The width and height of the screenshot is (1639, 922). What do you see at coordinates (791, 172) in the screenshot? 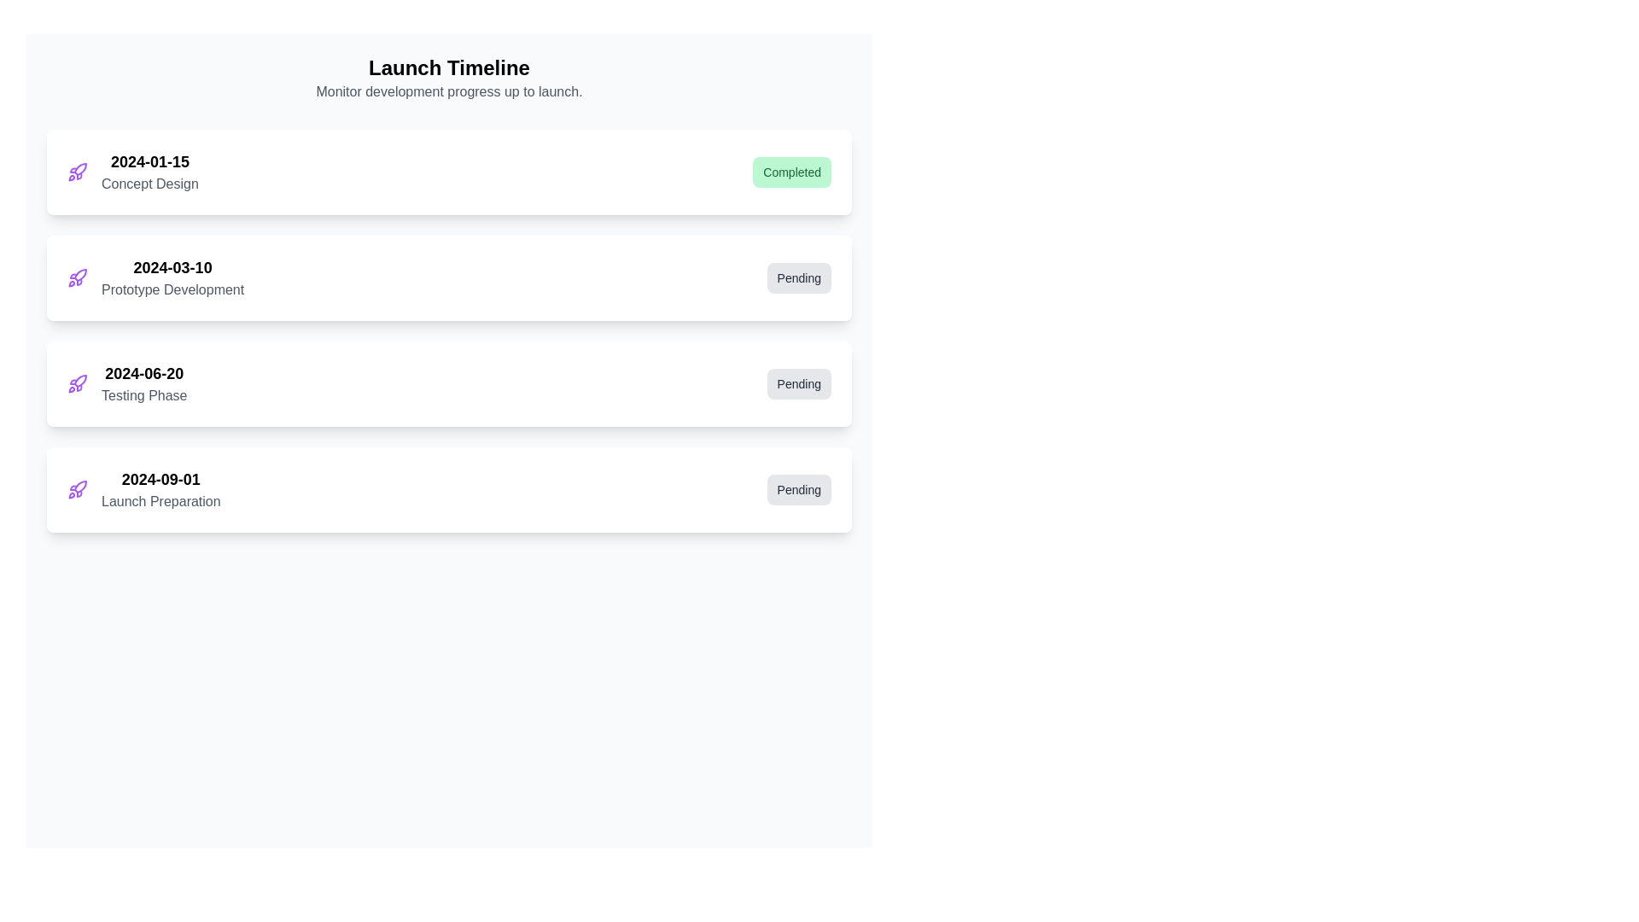
I see `the status indicator label for the milestone '2024-01-15 Concept Design' located in the 'Launch Timeline' section, which displays the completion status` at bounding box center [791, 172].